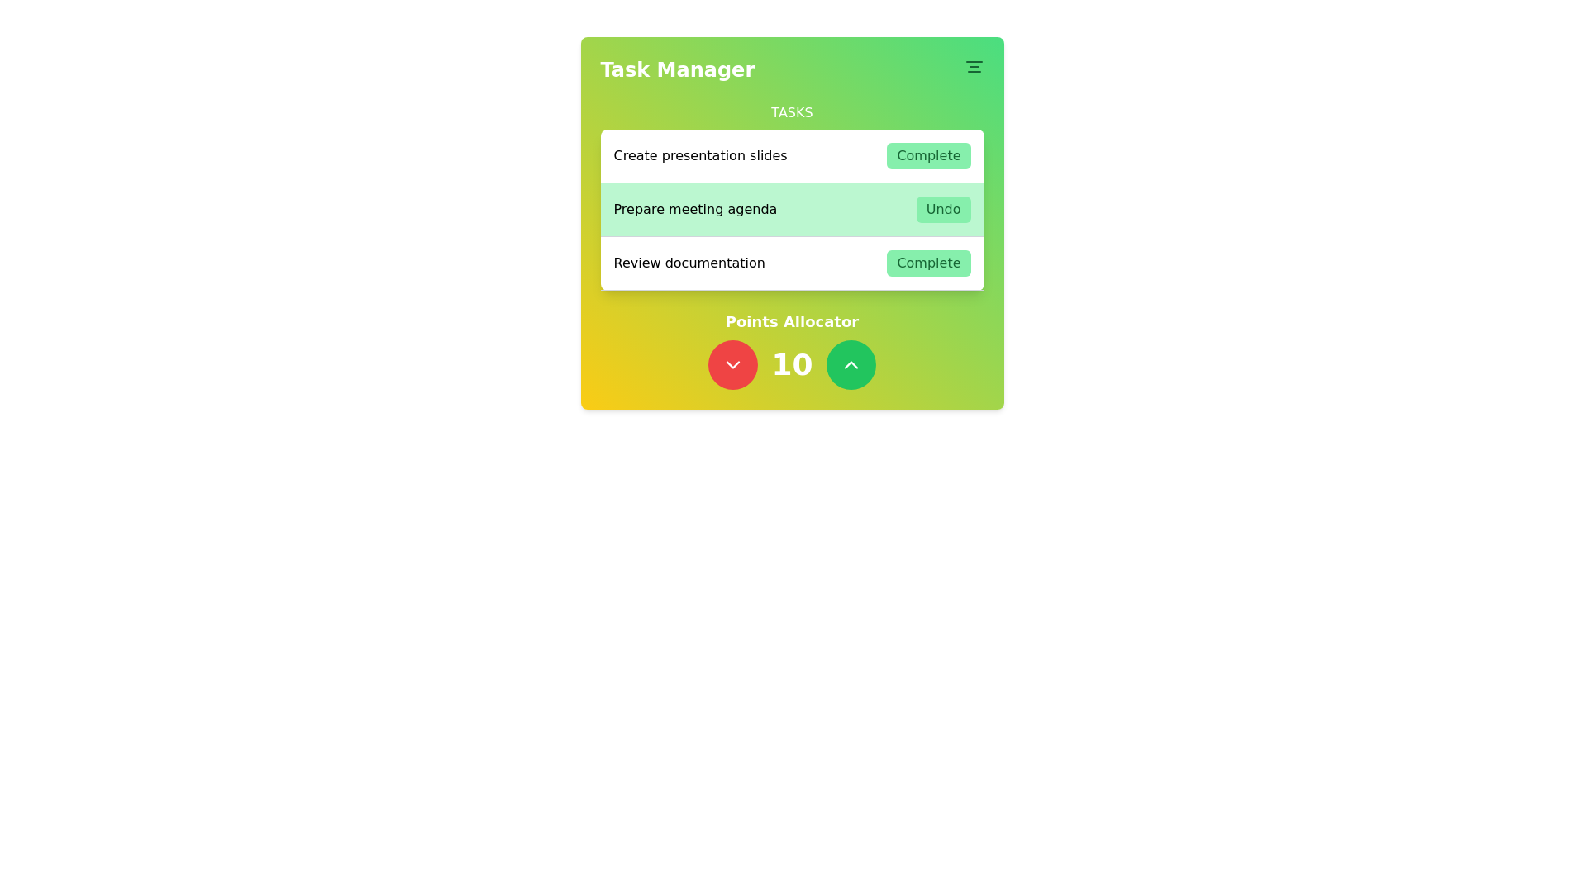 This screenshot has width=1587, height=892. Describe the element at coordinates (791, 196) in the screenshot. I see `the 'Undo' button in the Task row labeled 'Prepare meeting agenda' to revert the action` at that location.